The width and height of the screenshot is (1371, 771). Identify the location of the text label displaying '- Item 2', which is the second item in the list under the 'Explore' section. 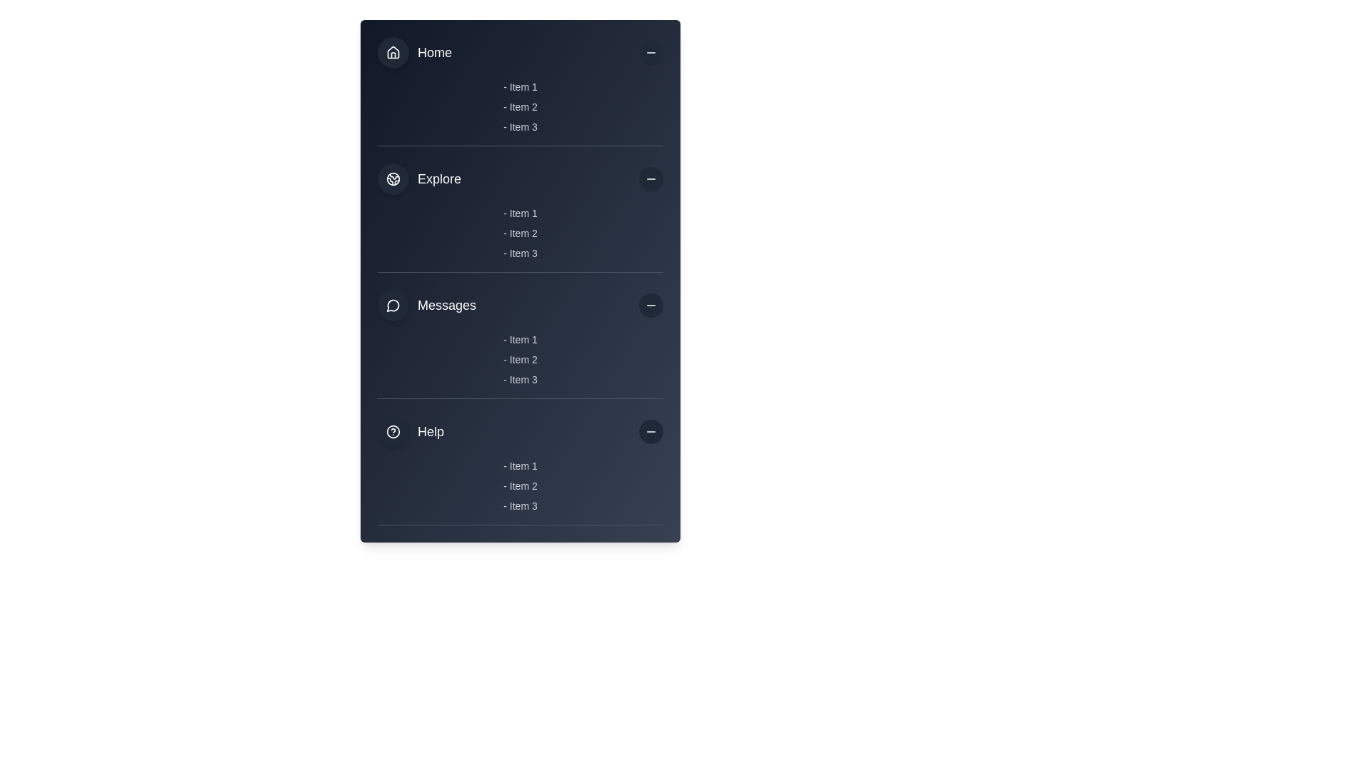
(520, 233).